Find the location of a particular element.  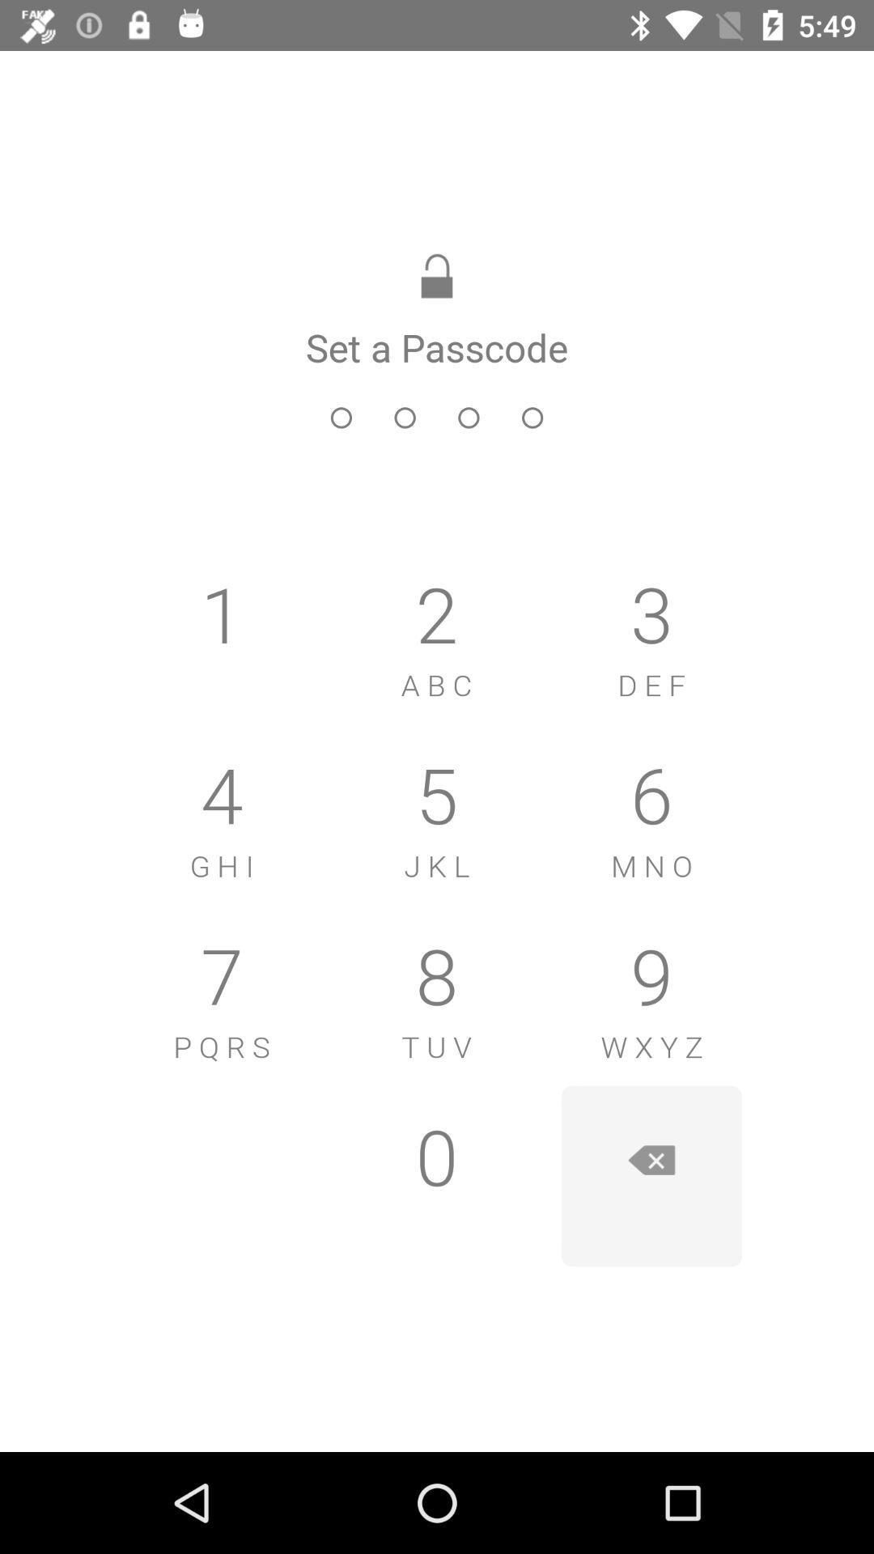

delete is located at coordinates (651, 1176).